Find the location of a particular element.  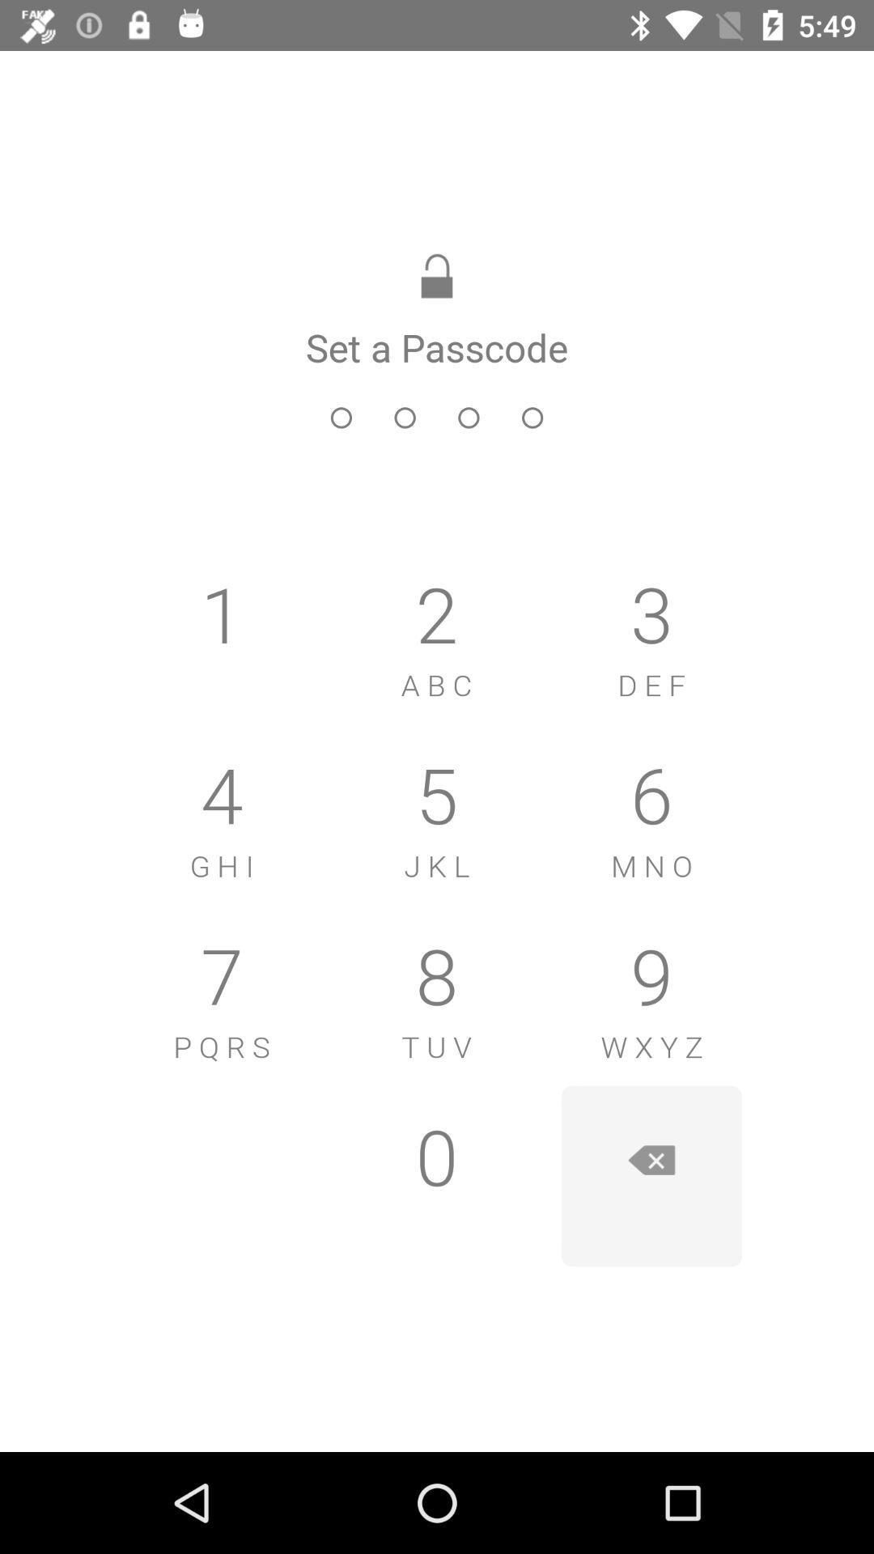

delete is located at coordinates (651, 1176).